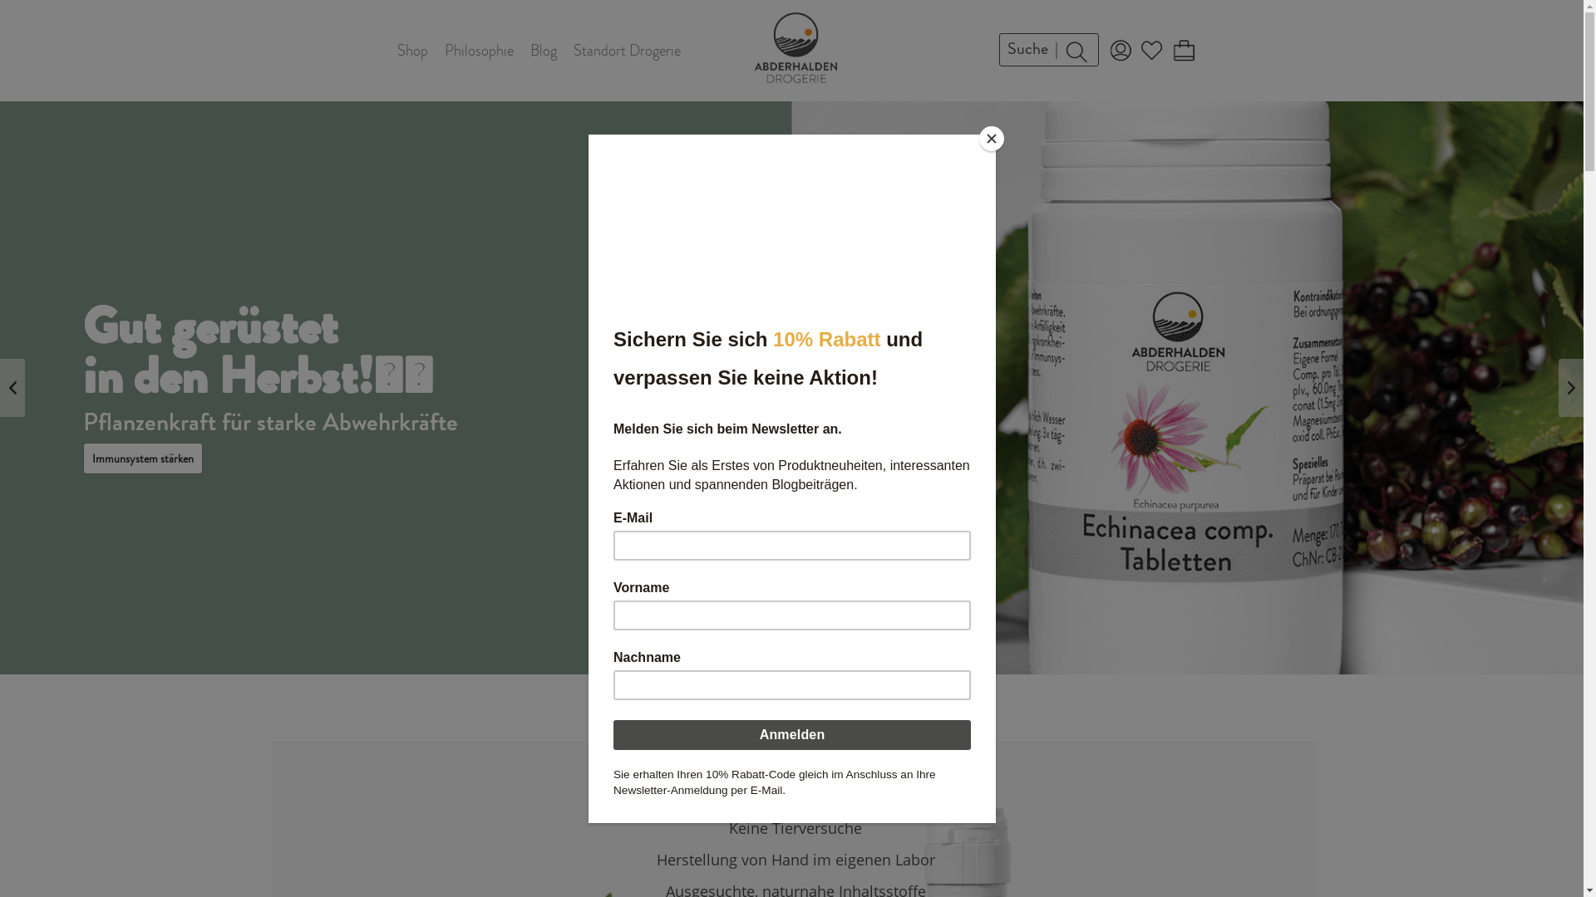  What do you see at coordinates (137, 432) in the screenshot?
I see `'Repair Balsam Stick'` at bounding box center [137, 432].